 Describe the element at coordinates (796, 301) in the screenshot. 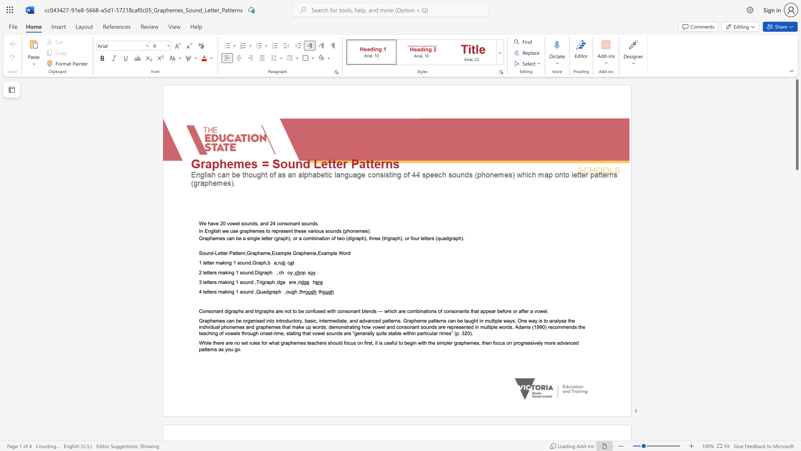

I see `the side scrollbar to bring the page down` at that location.